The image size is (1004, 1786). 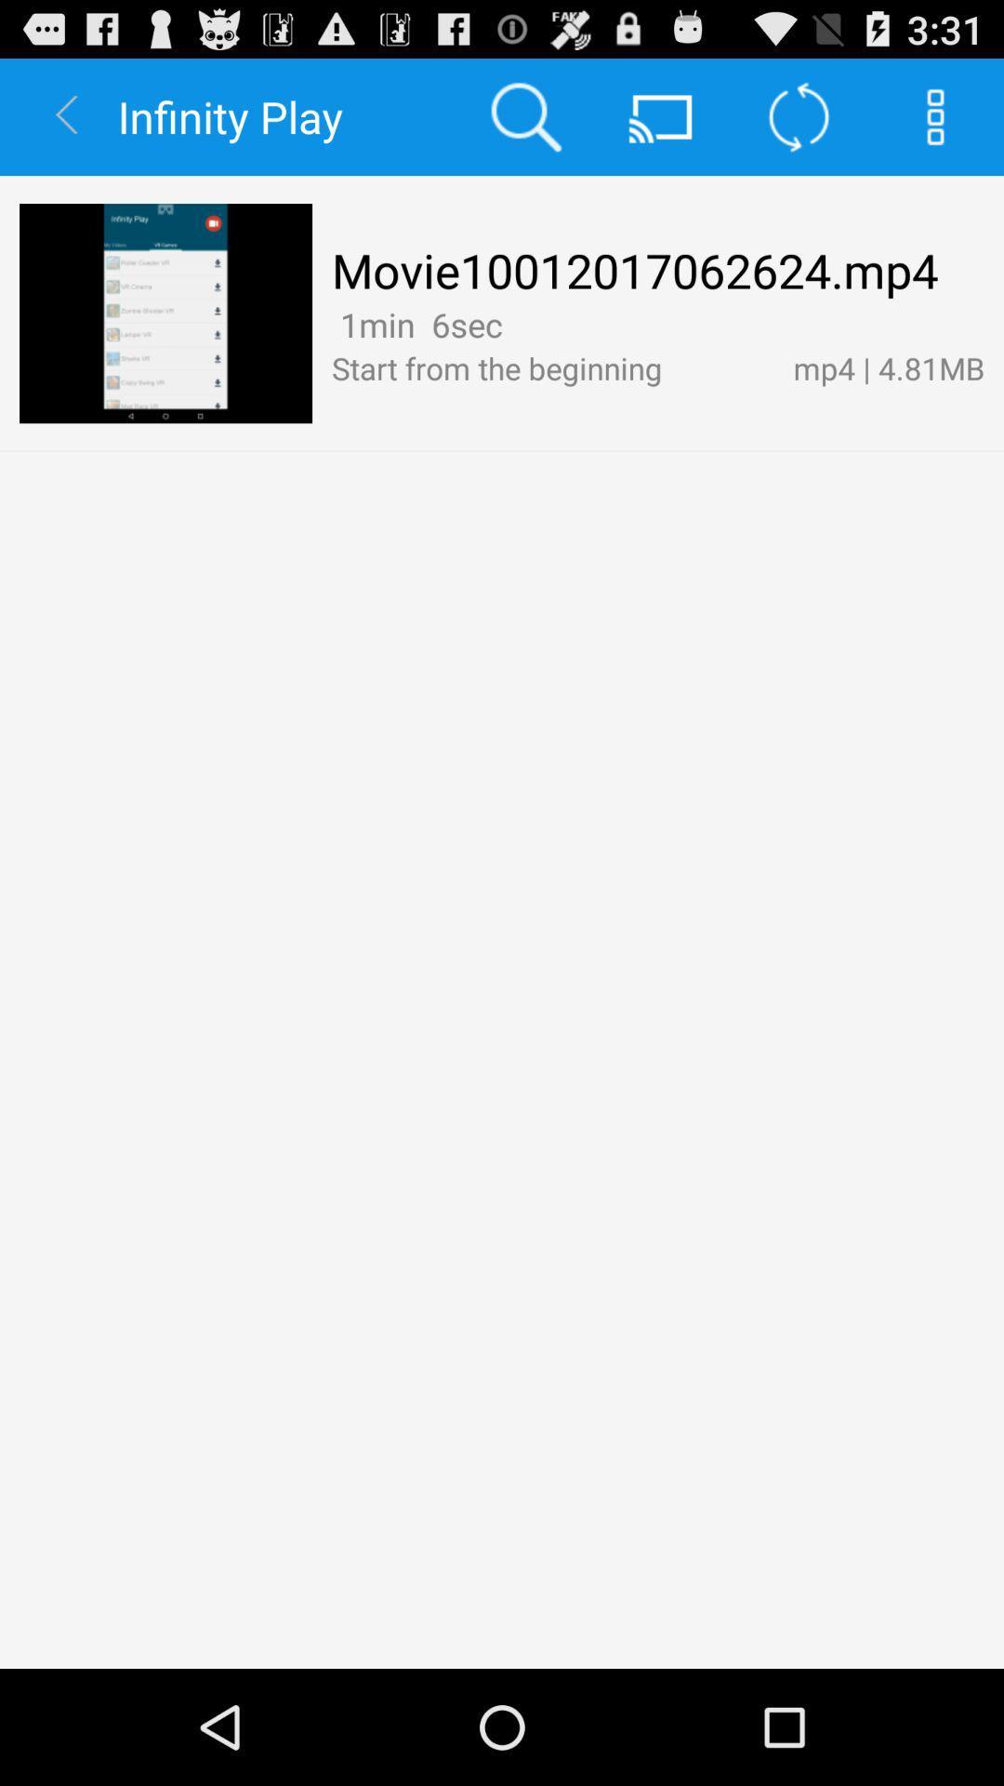 What do you see at coordinates (525, 115) in the screenshot?
I see `the item next to infinity play icon` at bounding box center [525, 115].